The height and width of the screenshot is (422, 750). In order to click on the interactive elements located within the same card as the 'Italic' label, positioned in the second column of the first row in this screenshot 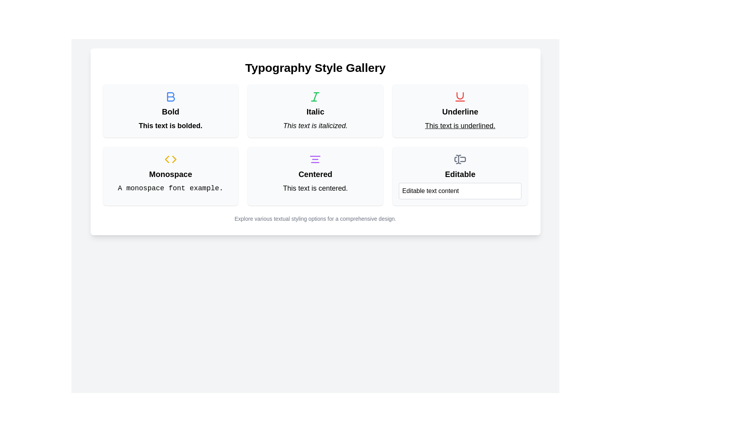, I will do `click(315, 111)`.